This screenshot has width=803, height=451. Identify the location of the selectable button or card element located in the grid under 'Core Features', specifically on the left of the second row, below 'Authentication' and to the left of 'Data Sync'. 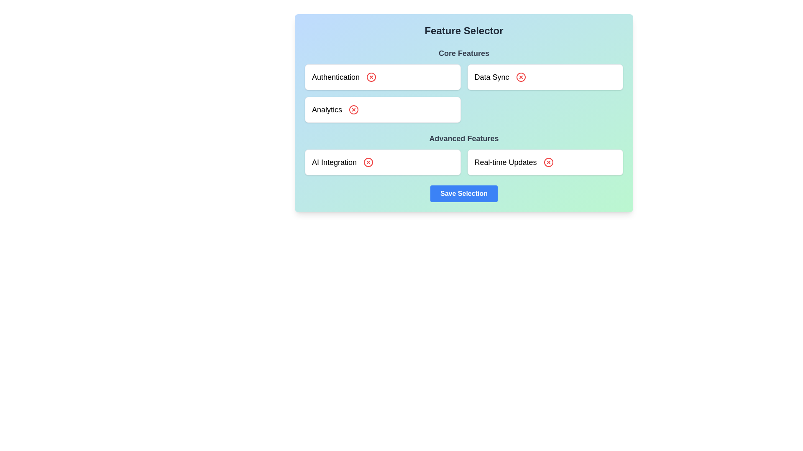
(382, 109).